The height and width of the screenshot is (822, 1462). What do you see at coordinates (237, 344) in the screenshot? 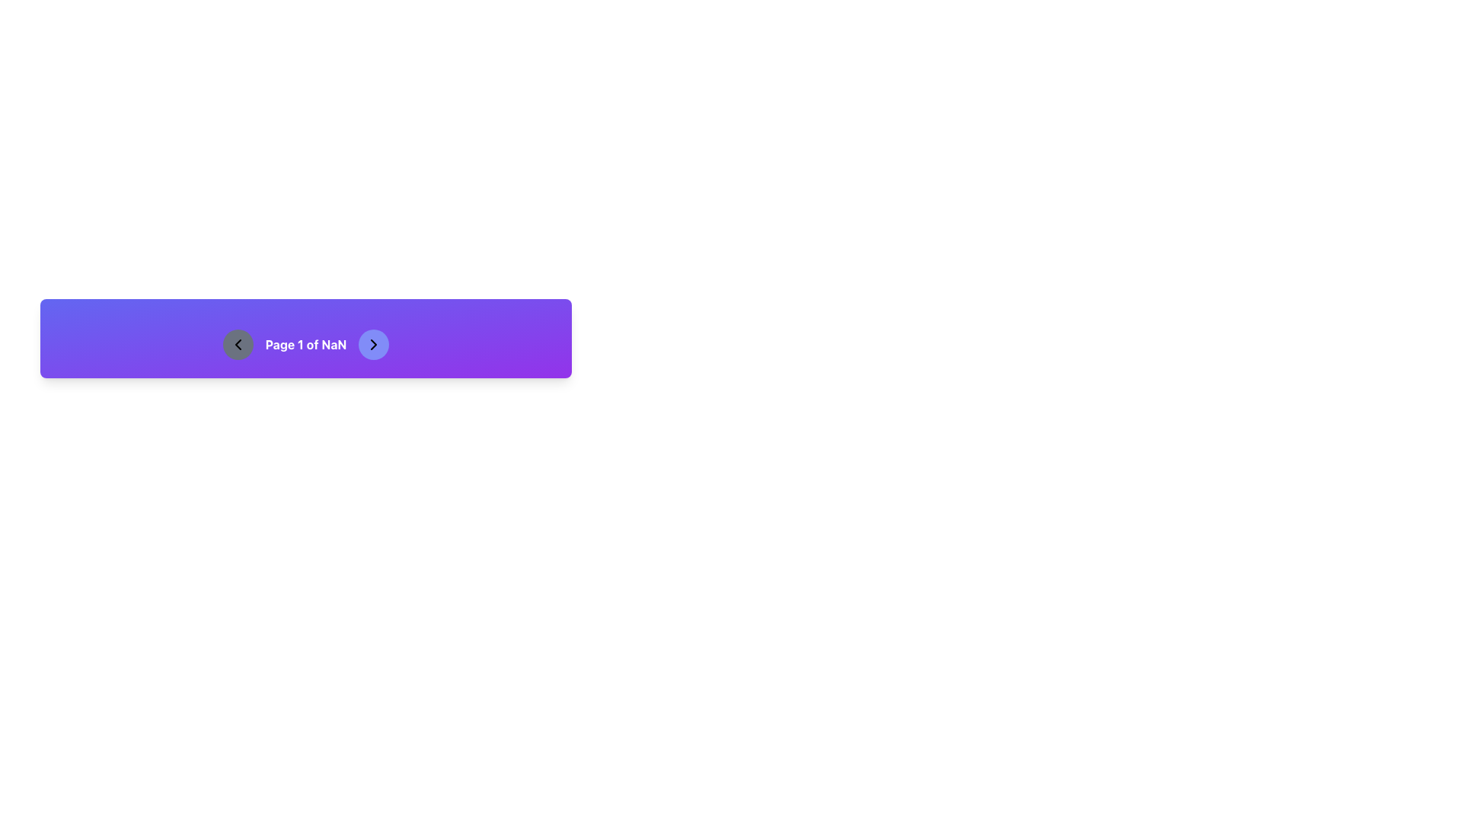
I see `the leftward-pointing arrow icon styled with a chevron shape in a circular blue background, located before the 'Page 1 of NaN' text label, to potentially reveal additional details or trigger a style change` at bounding box center [237, 344].